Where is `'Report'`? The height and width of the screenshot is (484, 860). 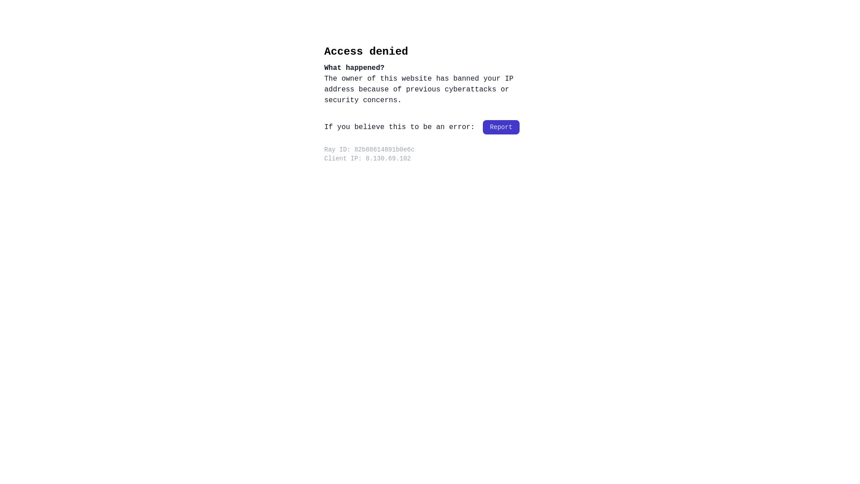 'Report' is located at coordinates (500, 127).